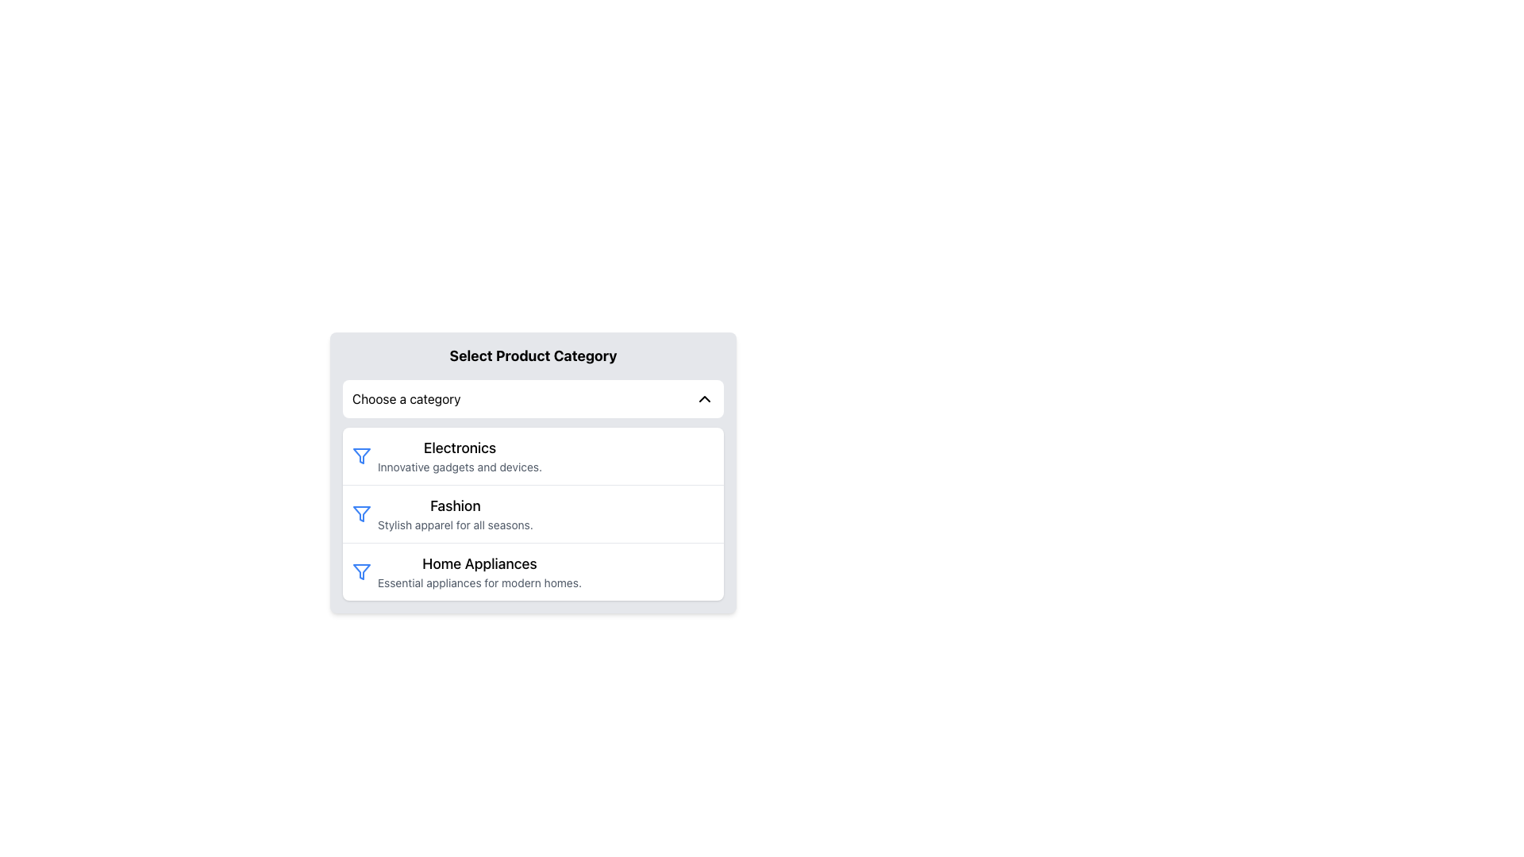  Describe the element at coordinates (361, 455) in the screenshot. I see `the blue triangular-shaped funnel icon associated with filtering functionalities, located below the 'Choose a category' dropdown in the 'Select Product Category' section, aligned with the 'Home Appliances' text` at that location.